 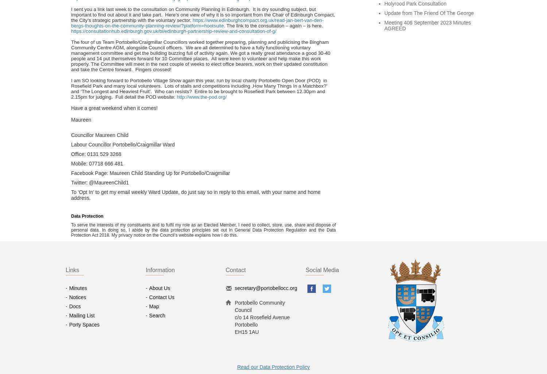 I want to click on 'Map', so click(x=154, y=306).